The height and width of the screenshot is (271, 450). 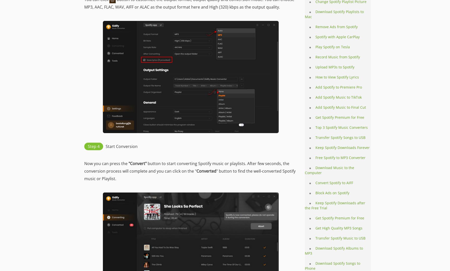 What do you see at coordinates (315, 57) in the screenshot?
I see `'Record Music from Spotify'` at bounding box center [315, 57].